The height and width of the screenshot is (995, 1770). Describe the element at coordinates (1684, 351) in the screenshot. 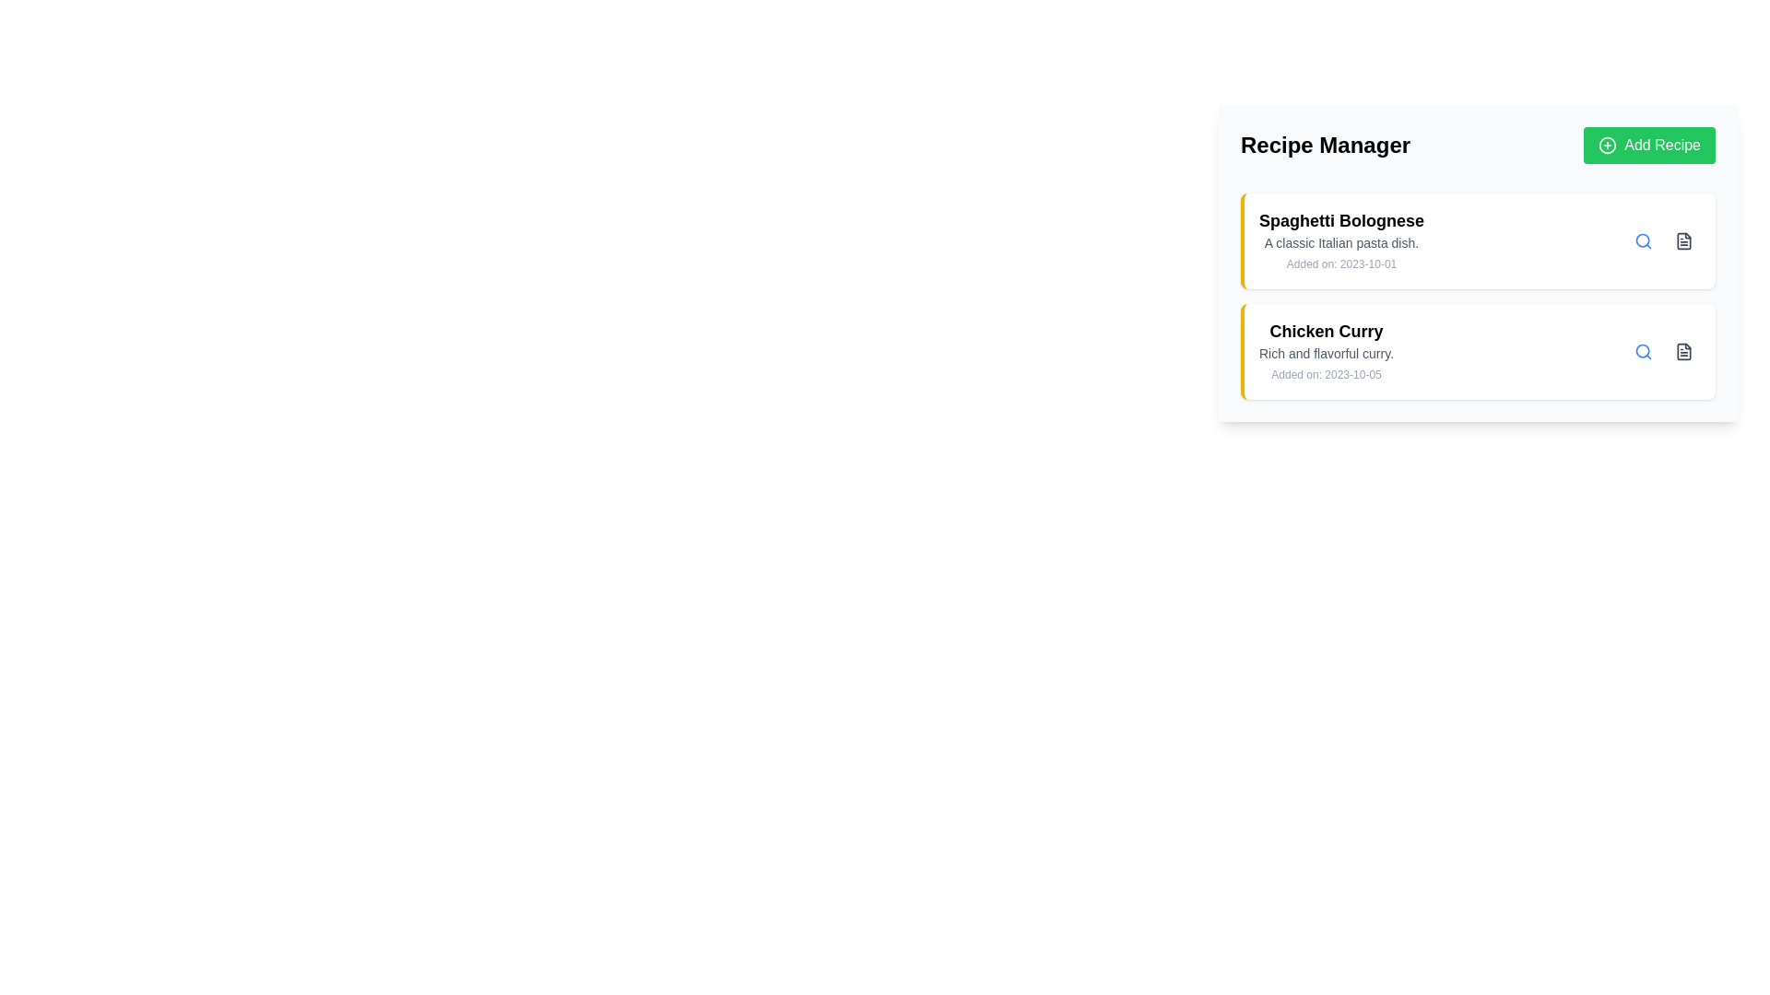

I see `the small gray document icon with a page curl located near the right edge of the 'Chicken Curry' list item in the 'Recipe Manager' interface` at that location.